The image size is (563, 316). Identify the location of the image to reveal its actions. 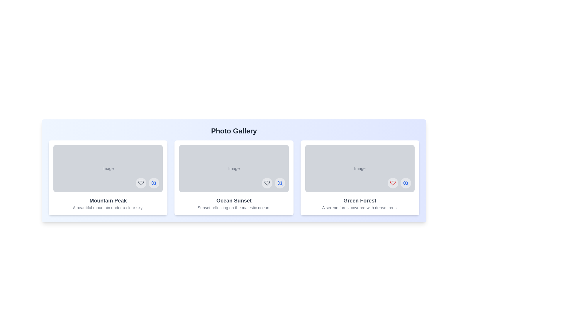
(108, 168).